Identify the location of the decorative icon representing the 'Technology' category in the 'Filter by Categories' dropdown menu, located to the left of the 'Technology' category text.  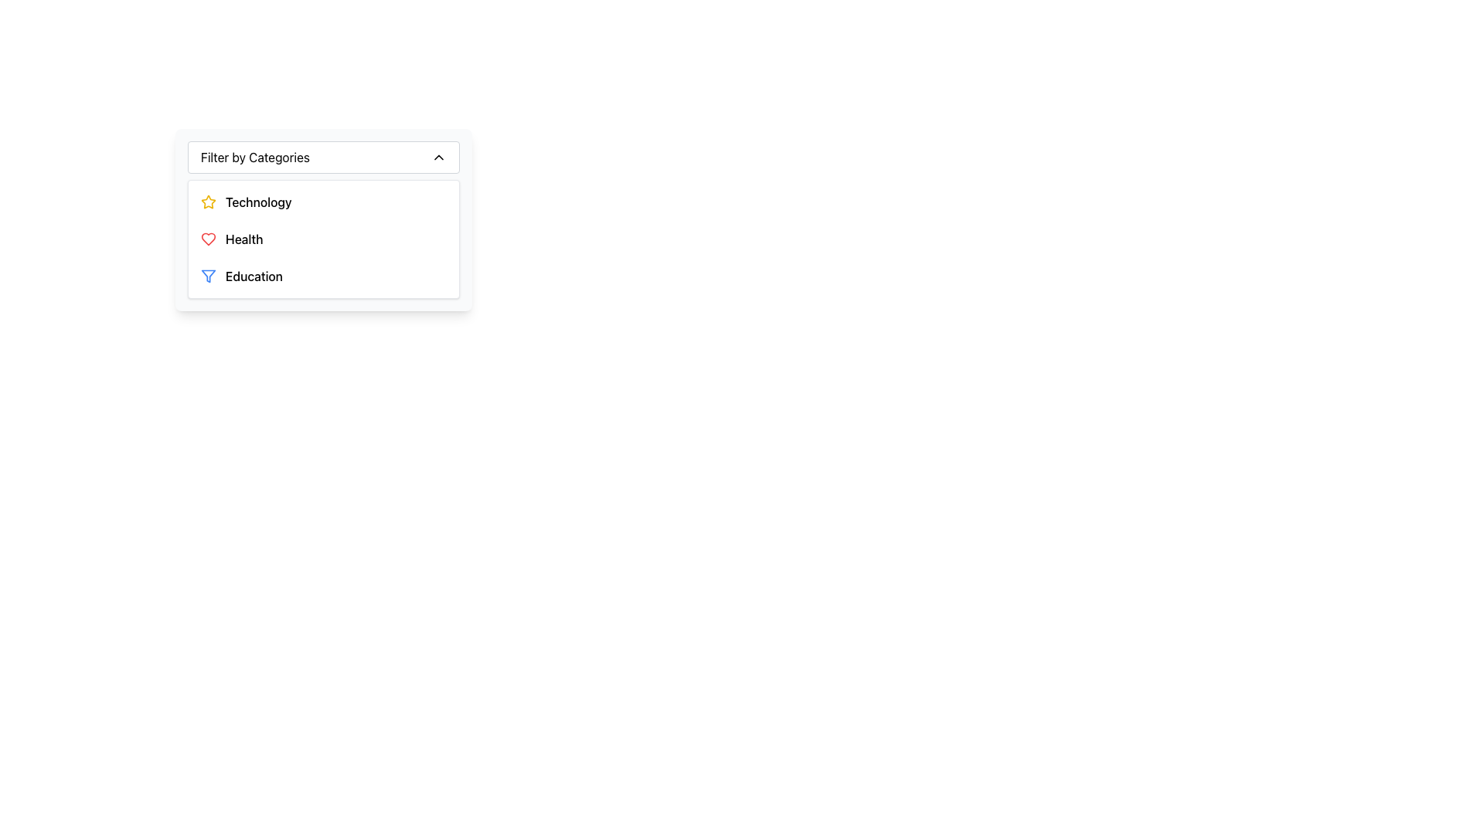
(207, 201).